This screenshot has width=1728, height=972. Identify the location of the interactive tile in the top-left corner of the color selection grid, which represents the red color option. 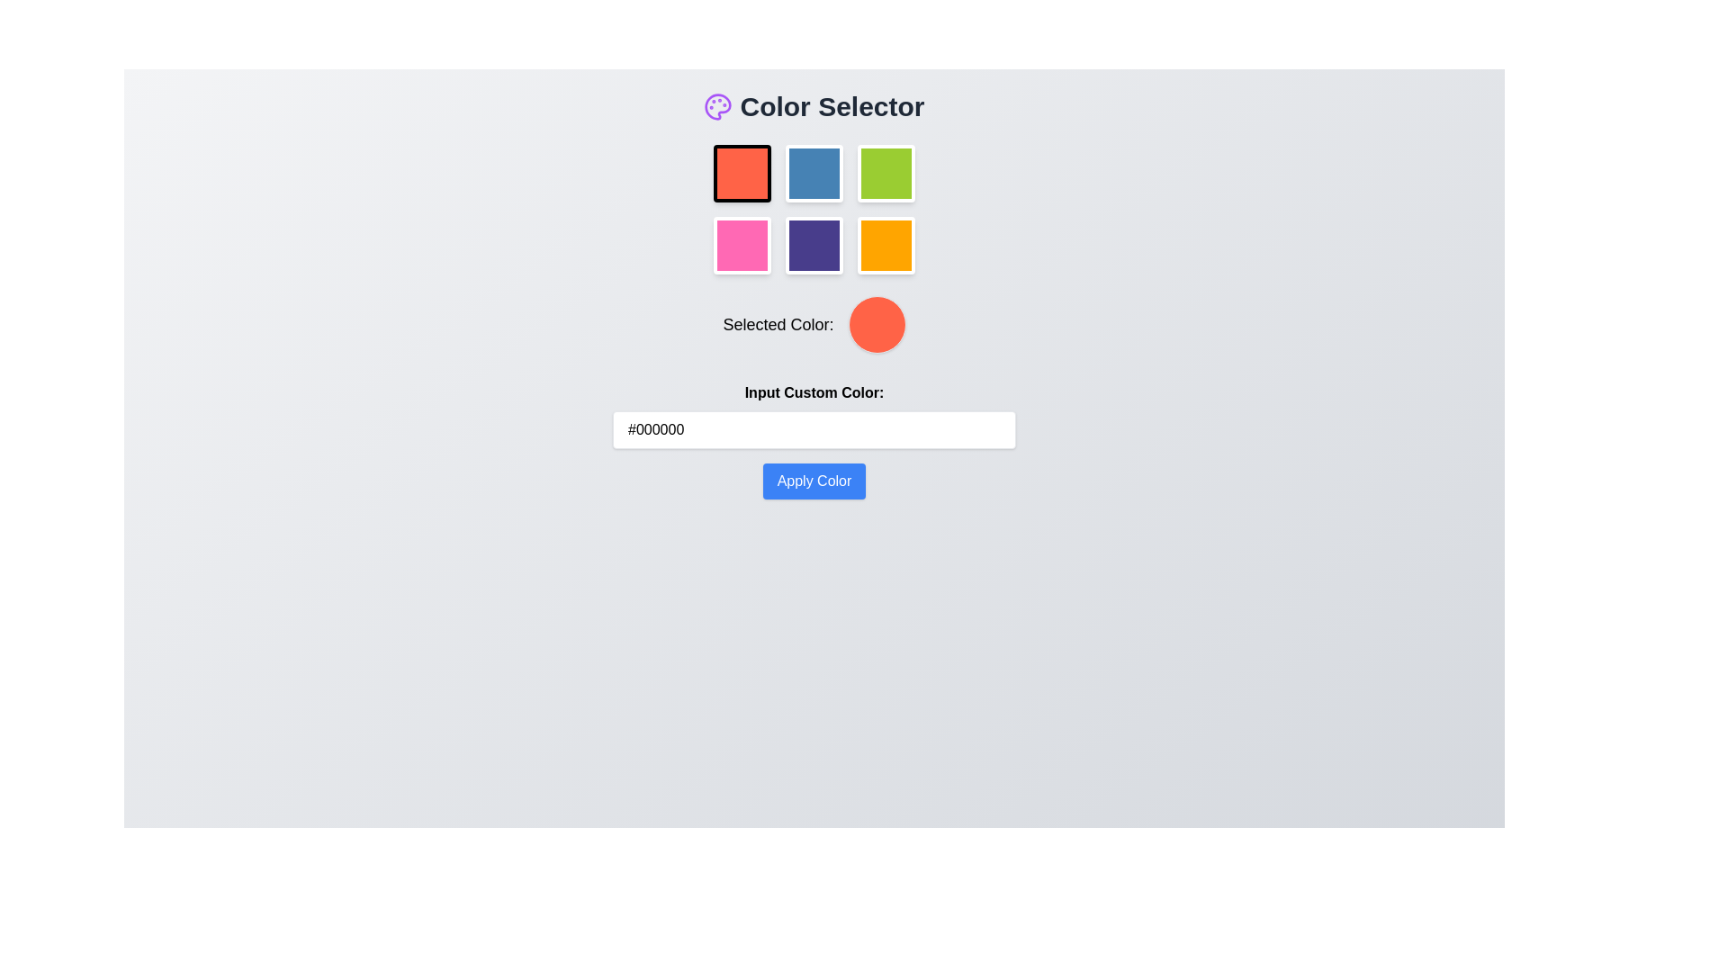
(742, 173).